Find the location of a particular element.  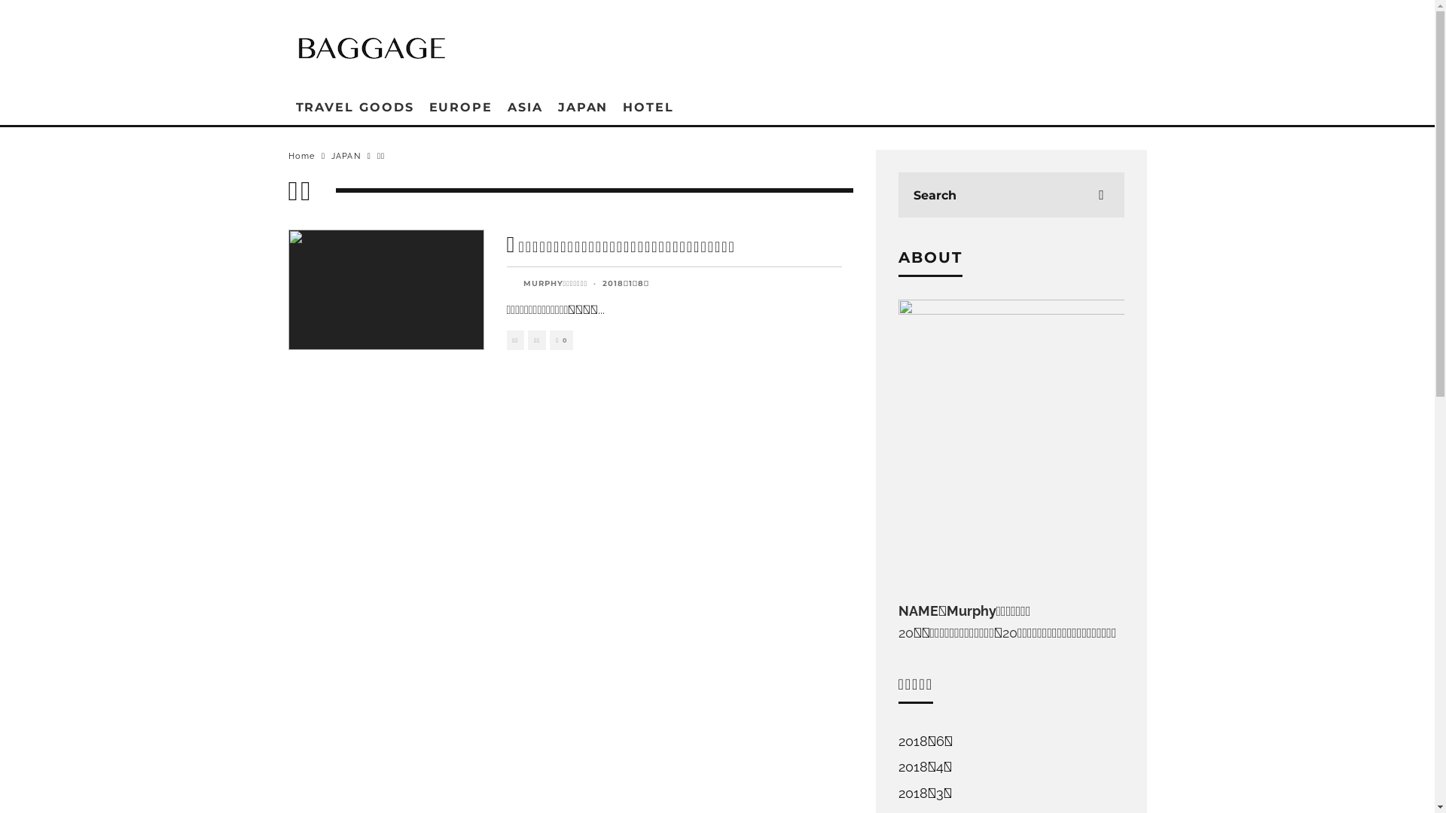

'TRAVEL GOODS' is located at coordinates (353, 106).